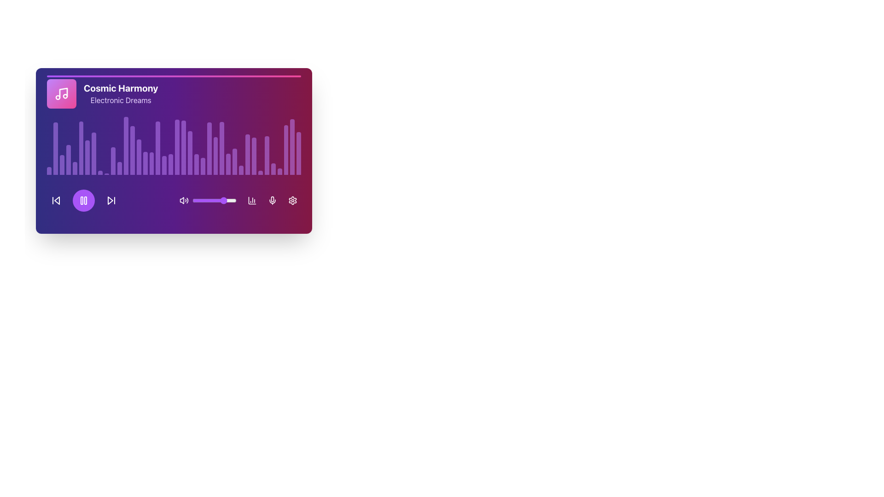 The height and width of the screenshot is (497, 884). Describe the element at coordinates (151, 163) in the screenshot. I see `the 17th visual indicator or chart bar in the horizontal layout within the bottom half of the interface` at that location.